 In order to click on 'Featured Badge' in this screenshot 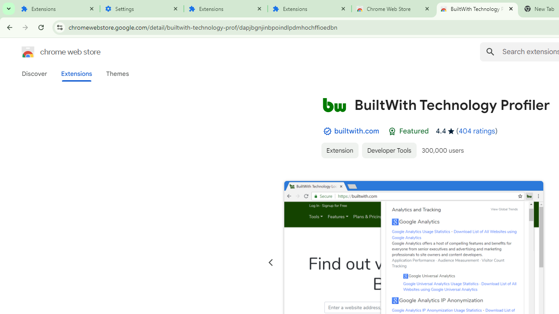, I will do `click(392, 131)`.